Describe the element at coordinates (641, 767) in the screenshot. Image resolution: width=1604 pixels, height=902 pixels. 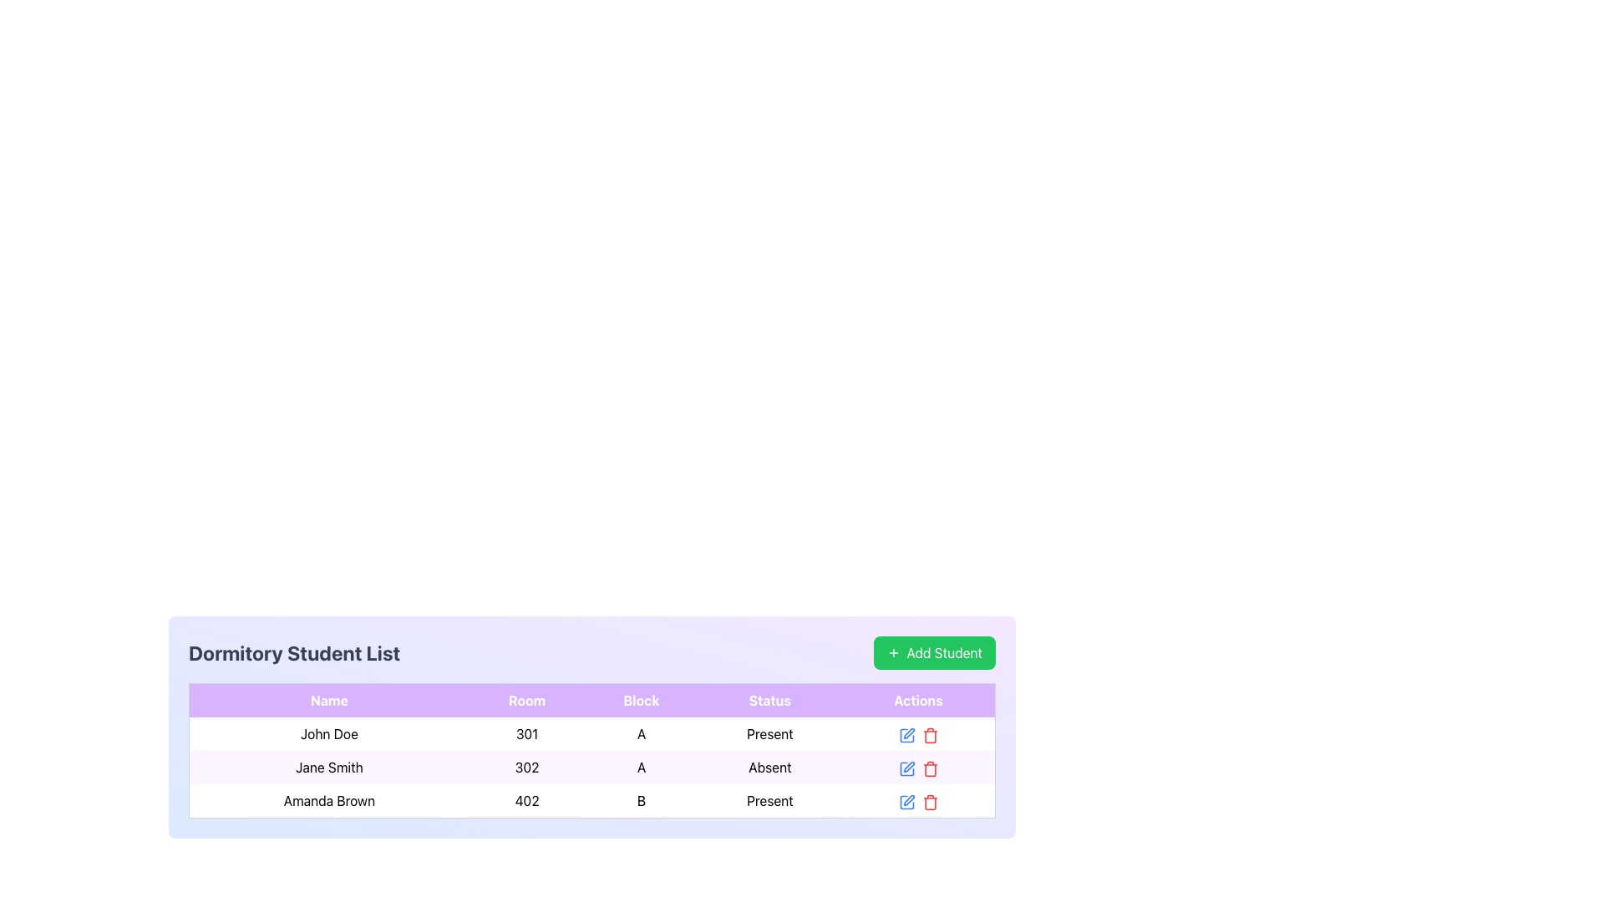
I see `the bold, black letter 'A' located in the third column labeled 'Block' and the second row corresponding to 'Jane Smith'` at that location.